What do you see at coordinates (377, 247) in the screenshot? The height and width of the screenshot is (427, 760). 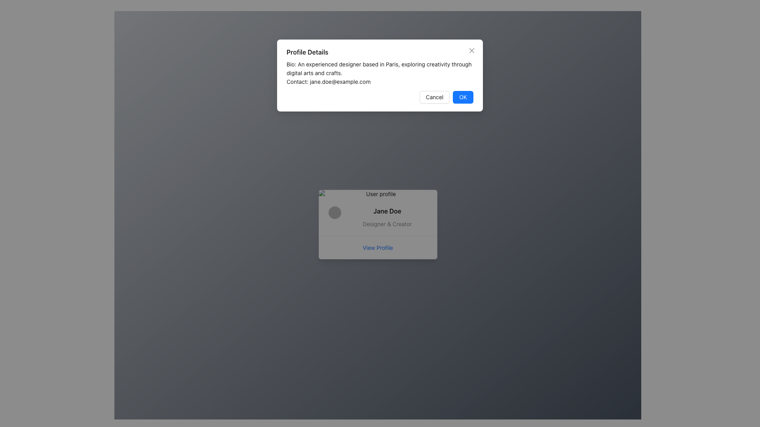 I see `the 'View Profile' button located at the bottom of the user profile card` at bounding box center [377, 247].